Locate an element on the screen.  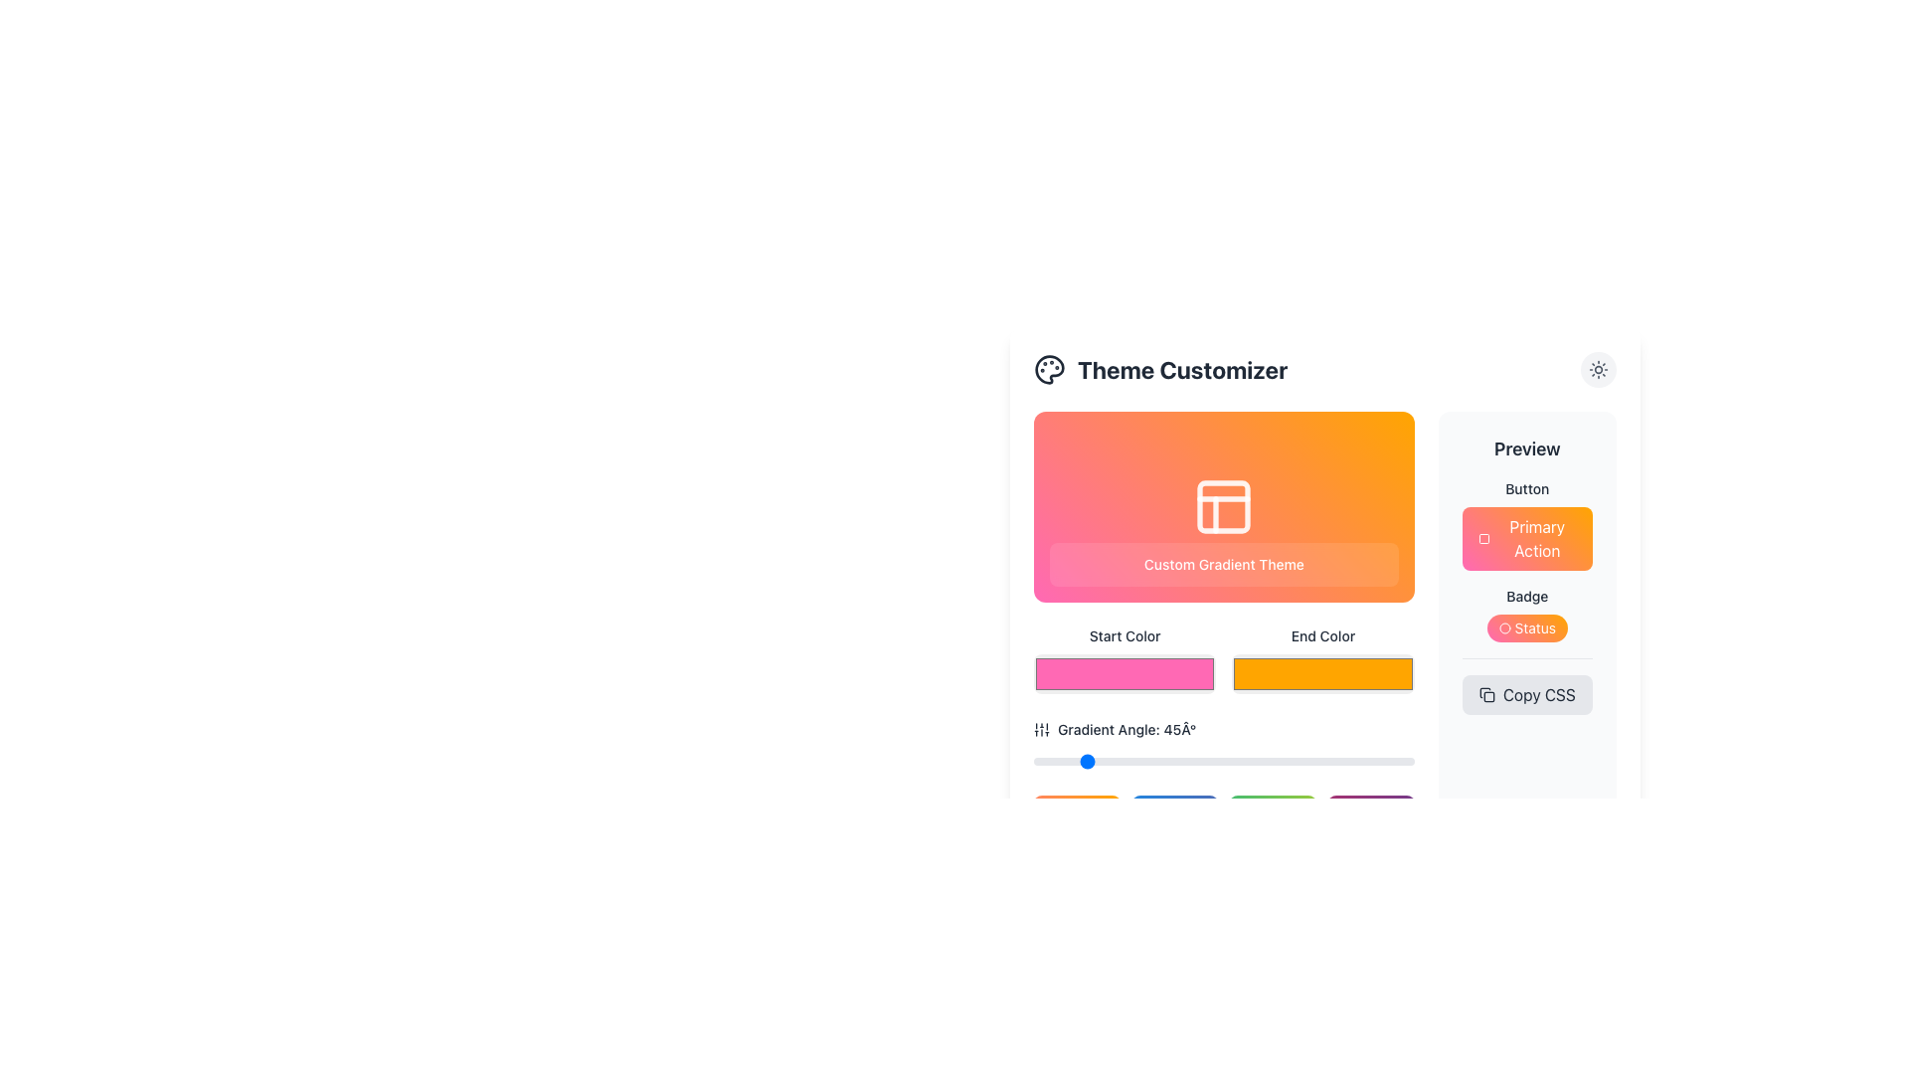
the text label displaying 'Badge', which is positioned under the 'Primary Action' button and above the 'Status' badge in the right section of the interface is located at coordinates (1526, 596).